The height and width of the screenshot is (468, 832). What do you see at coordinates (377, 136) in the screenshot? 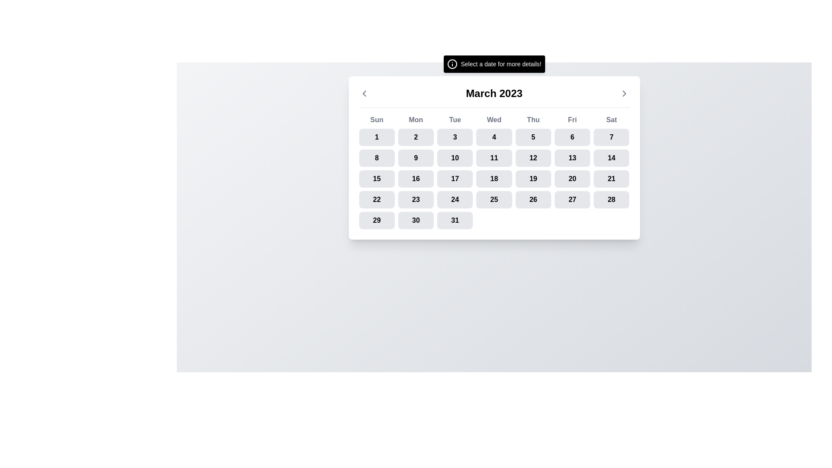
I see `the calendar button representing the first day under the 'Sun' column to trigger a style change` at bounding box center [377, 136].